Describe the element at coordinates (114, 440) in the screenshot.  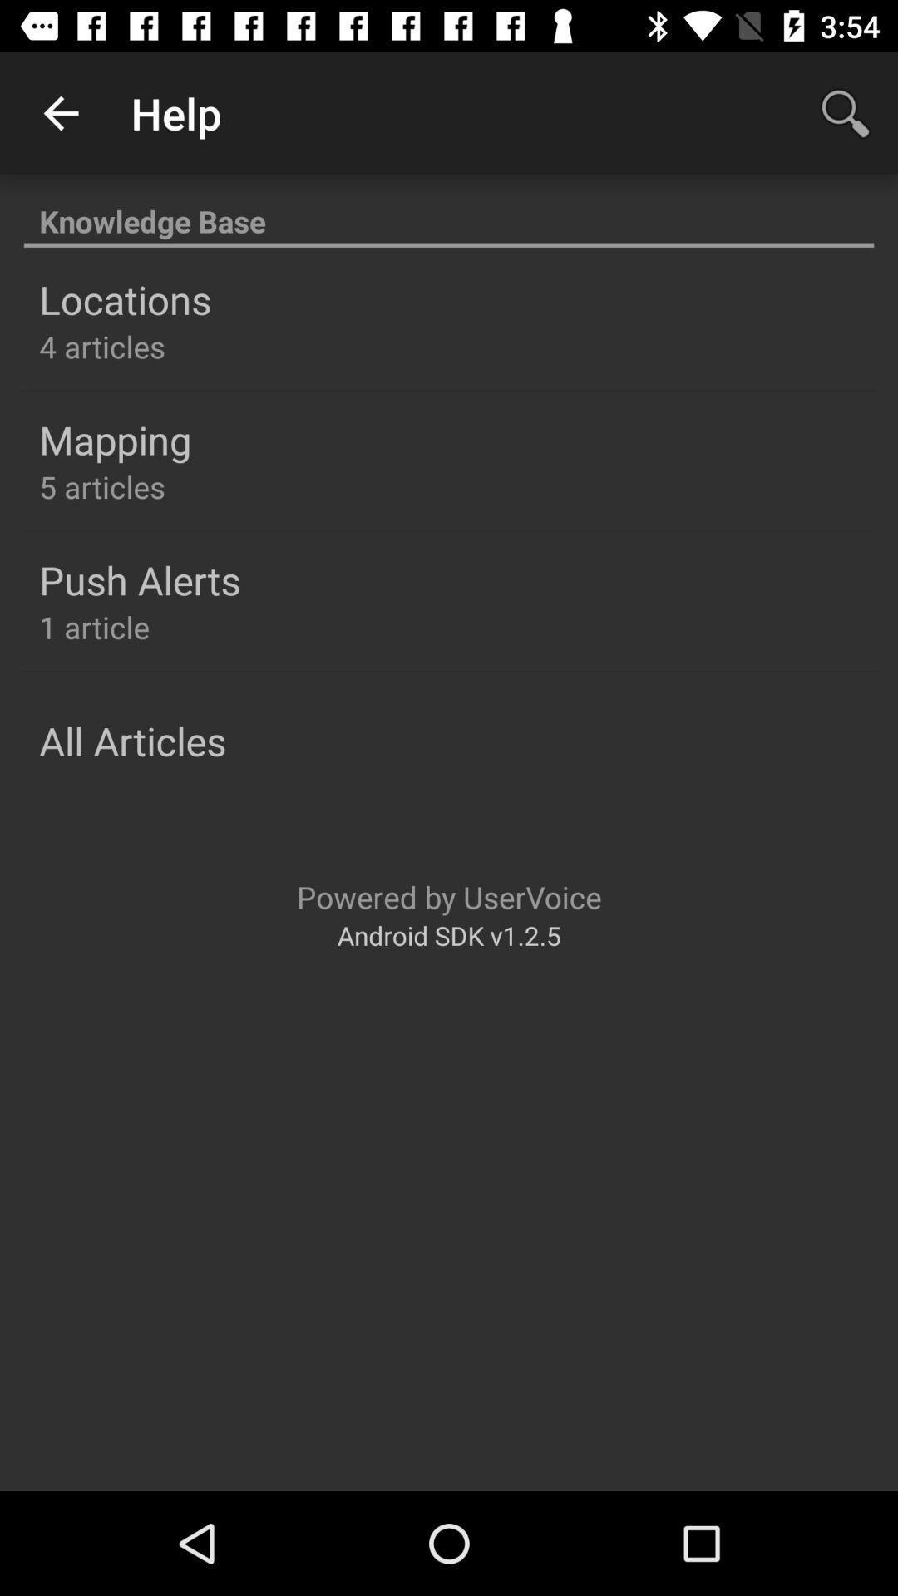
I see `mapping icon` at that location.